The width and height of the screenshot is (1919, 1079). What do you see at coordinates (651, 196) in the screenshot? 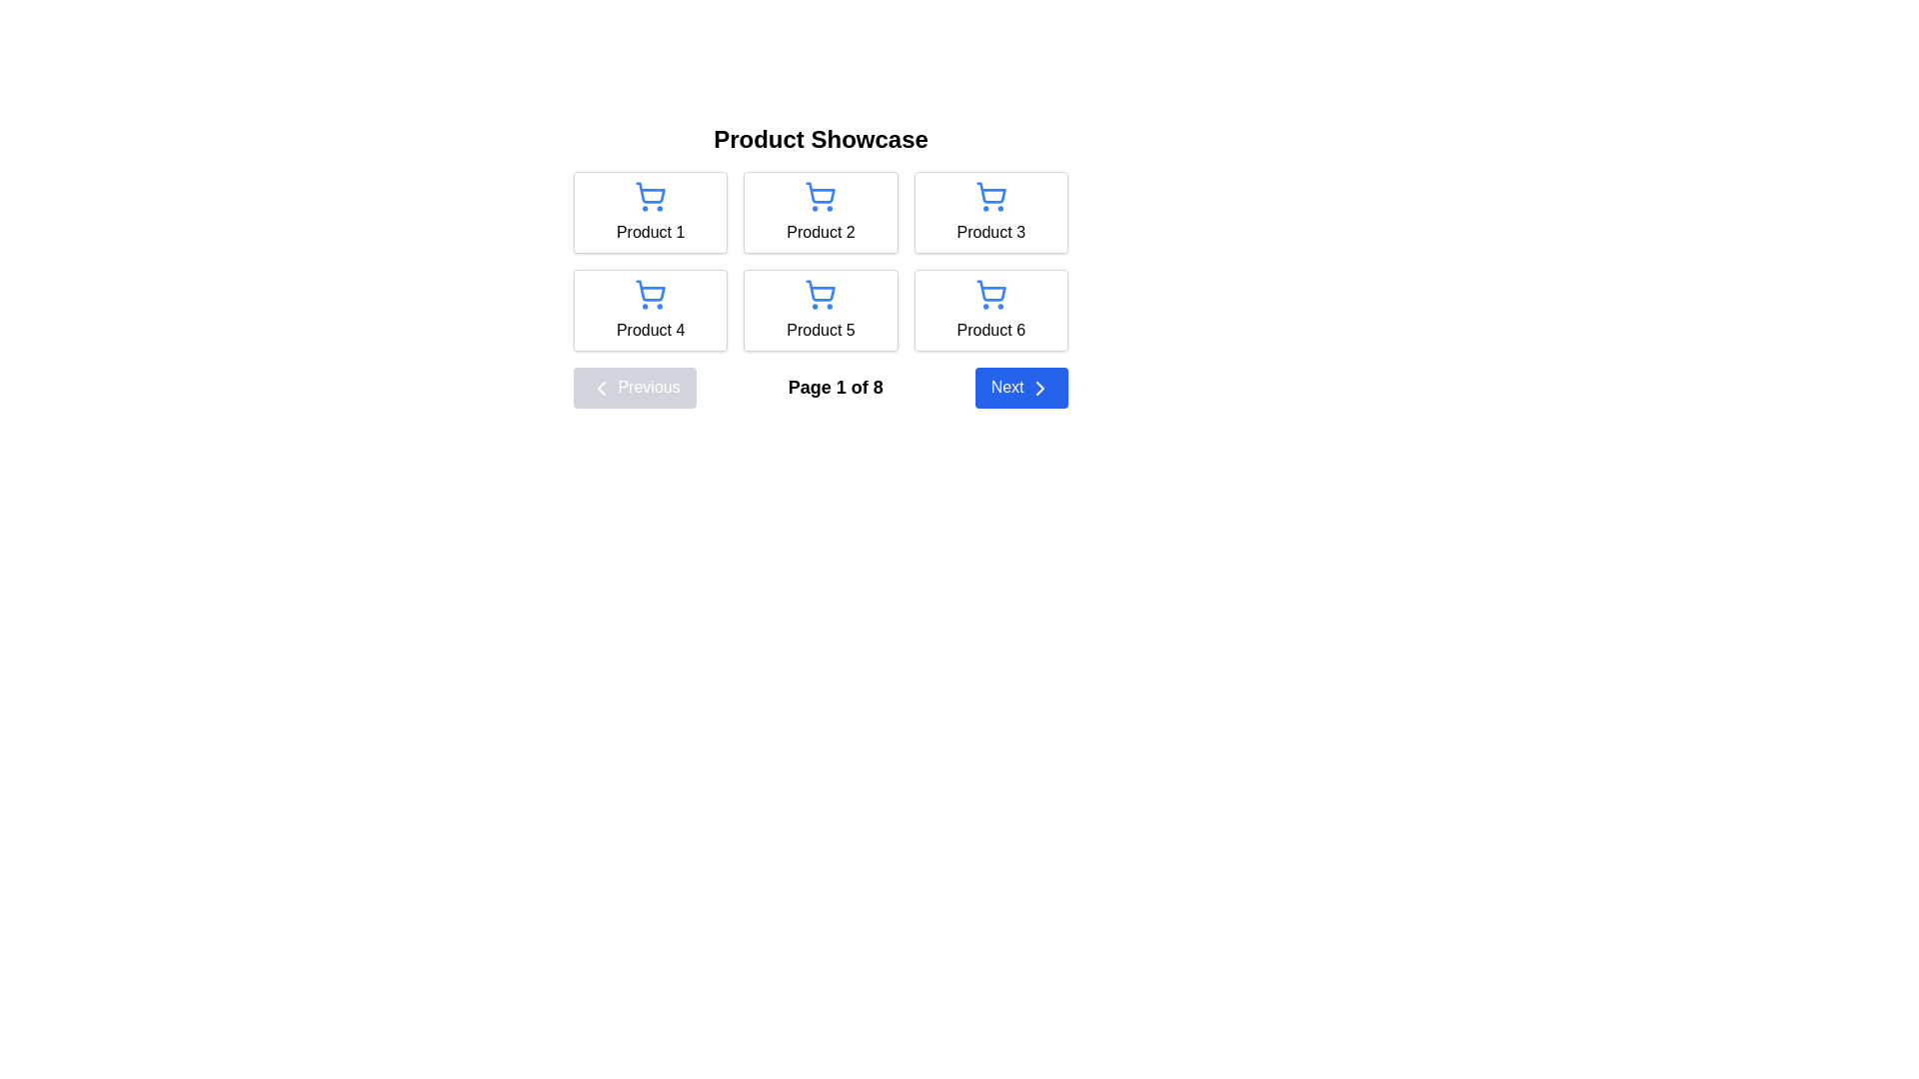
I see `the icon located in the top-left corner of the product grid, above the label 'Product 1', which is intended to add the product to the shopping cart or view more details` at bounding box center [651, 196].